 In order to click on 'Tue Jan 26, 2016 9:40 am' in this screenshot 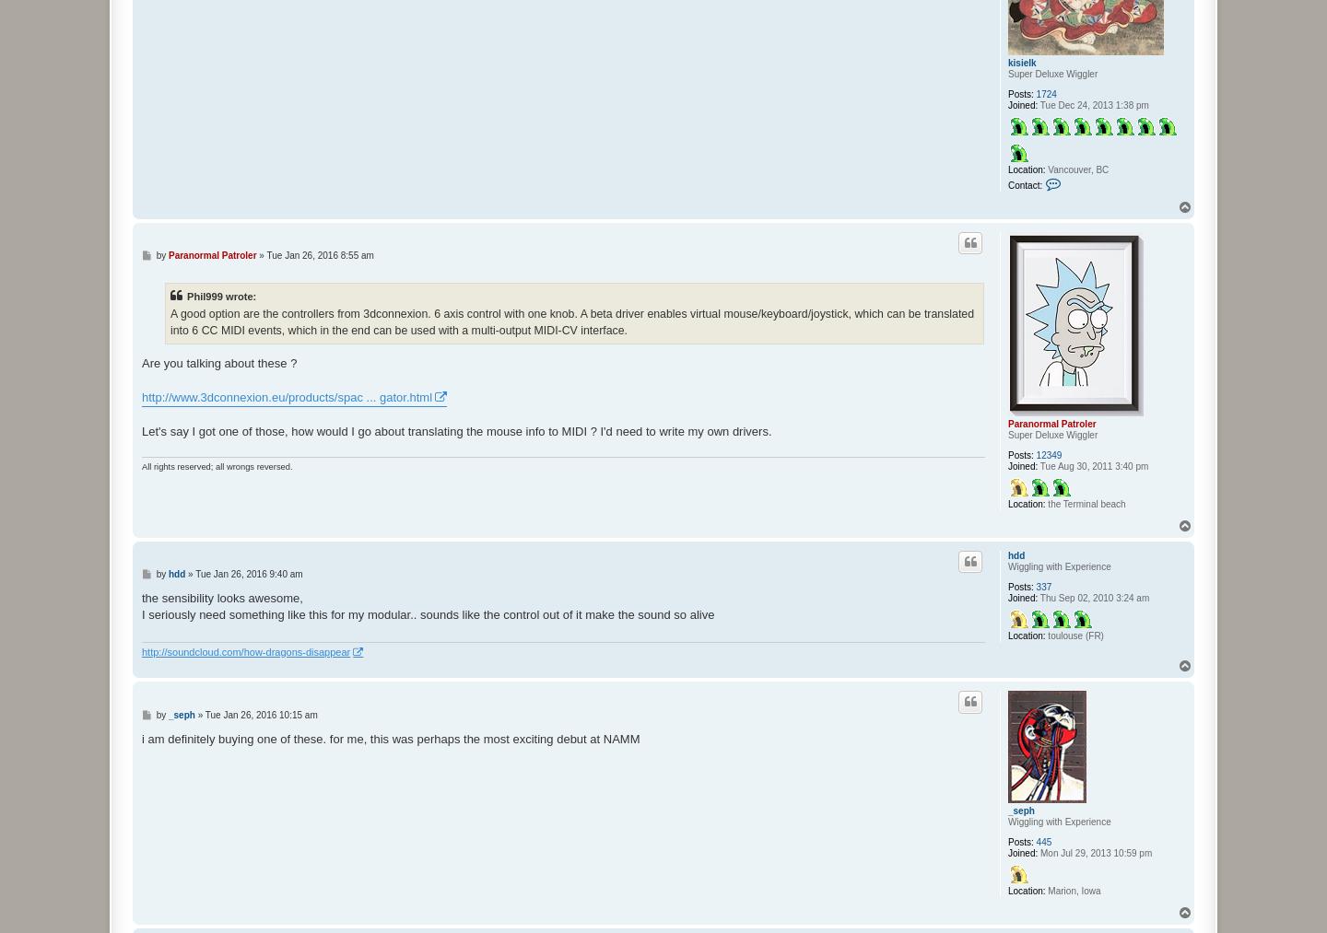, I will do `click(248, 572)`.